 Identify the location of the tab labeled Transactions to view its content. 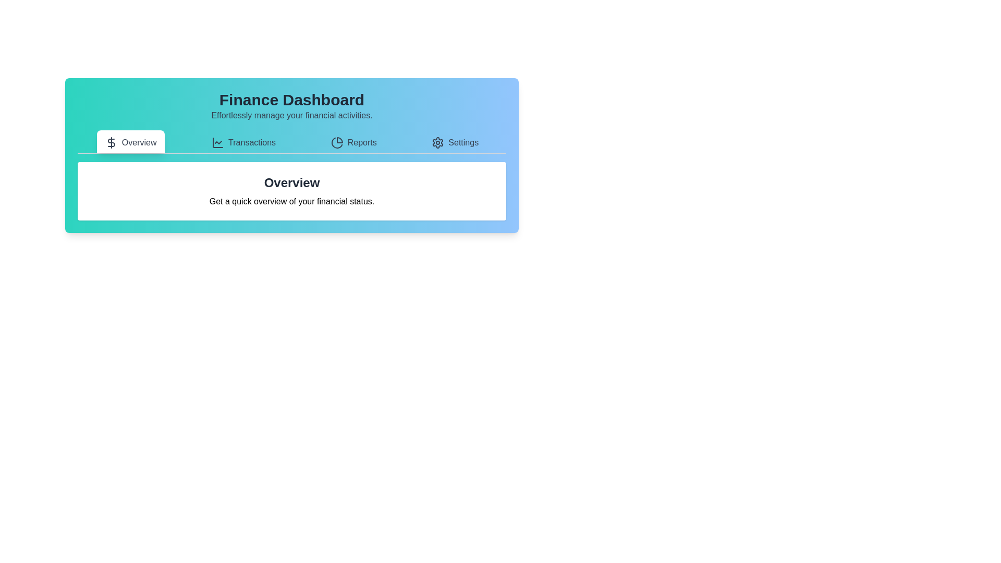
(243, 142).